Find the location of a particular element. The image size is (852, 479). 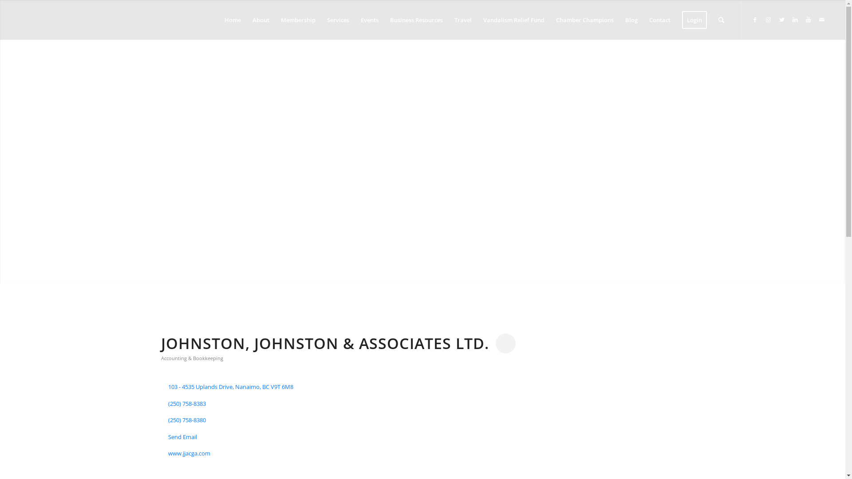

'Blog' is located at coordinates (631, 20).